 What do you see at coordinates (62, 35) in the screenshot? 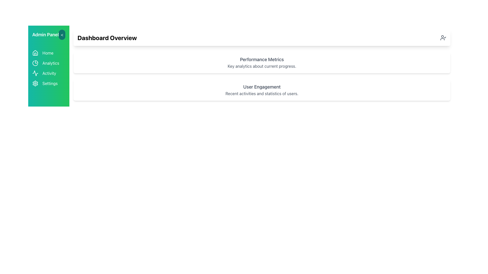
I see `the circular button with a '<' symbol at its center, located adjacent to the 'Admin Panel' label` at bounding box center [62, 35].